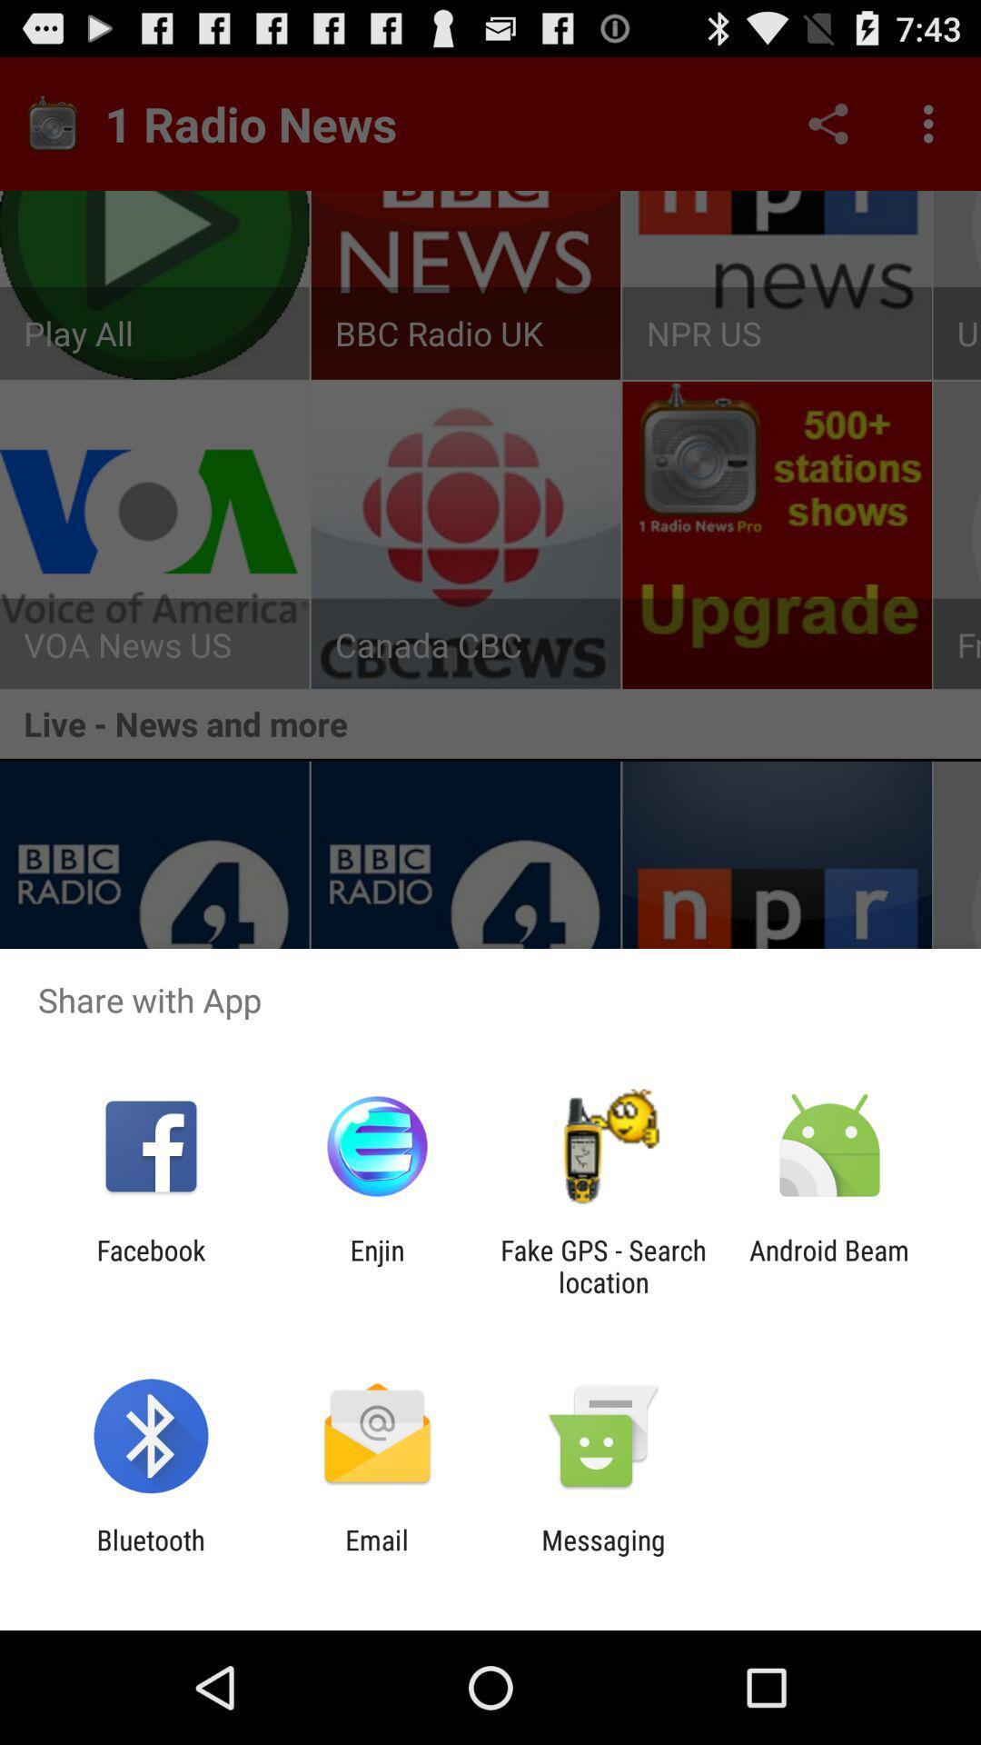 The height and width of the screenshot is (1745, 981). I want to click on the app to the right of email icon, so click(603, 1555).